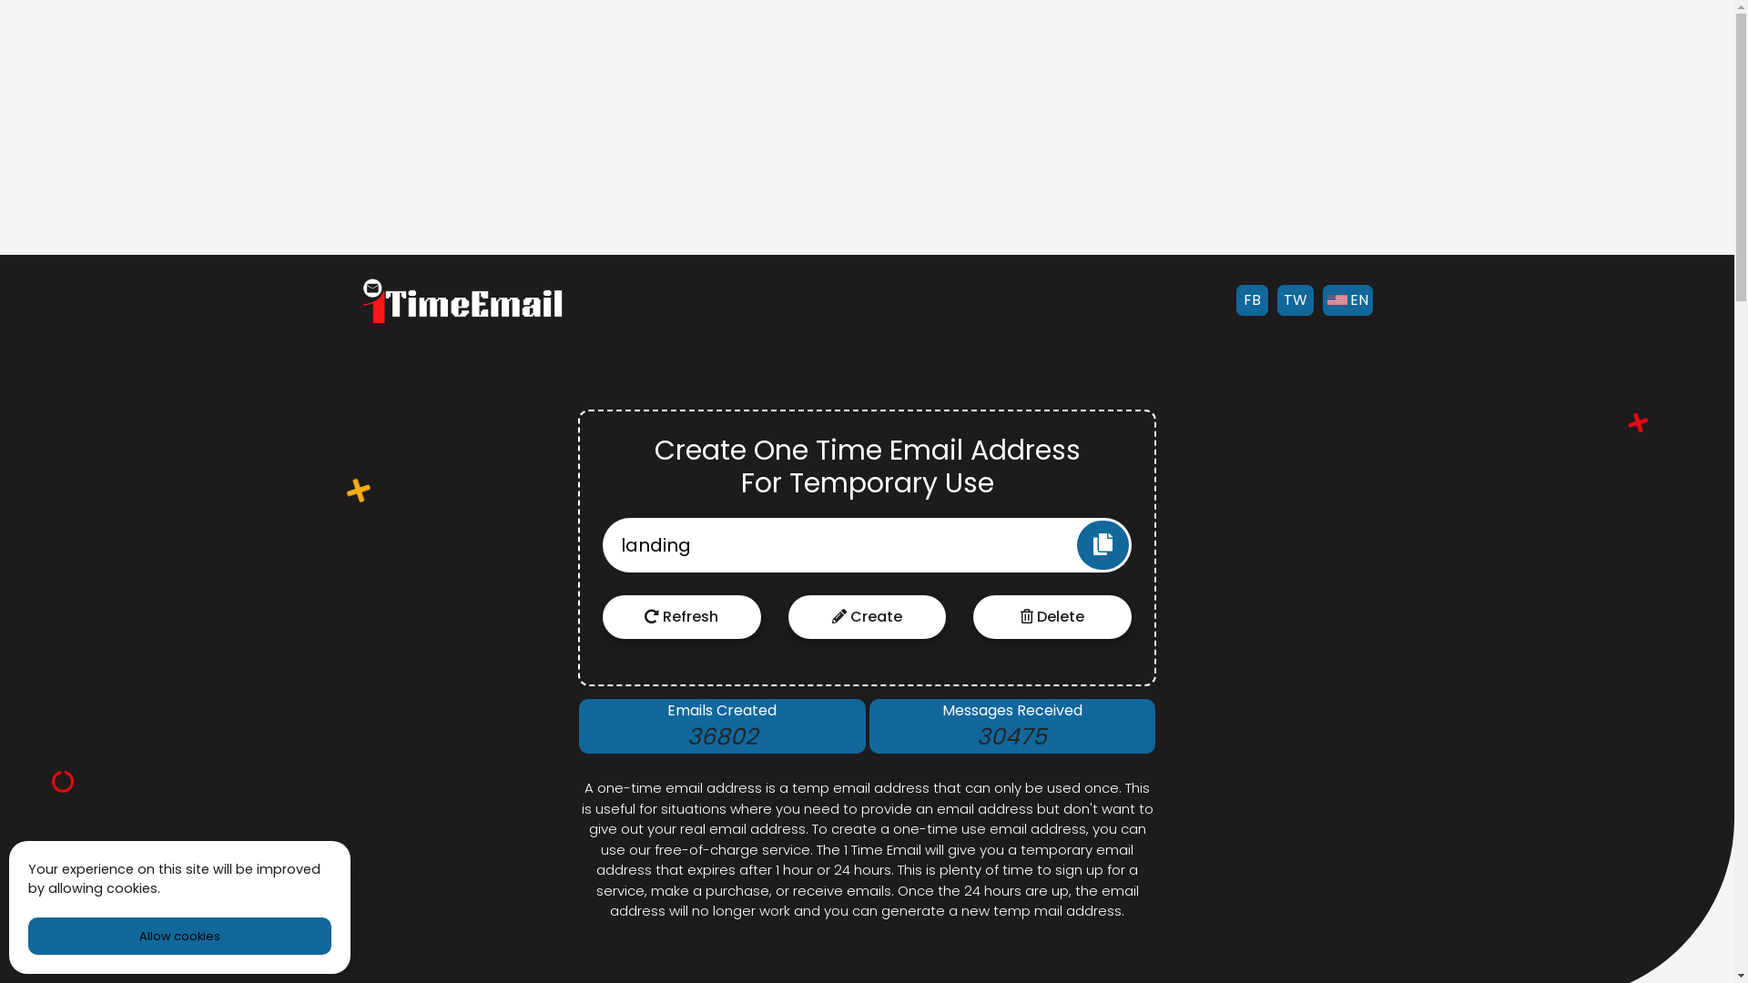 Image resolution: width=1748 pixels, height=983 pixels. Describe the element at coordinates (1293, 299) in the screenshot. I see `'TW'` at that location.